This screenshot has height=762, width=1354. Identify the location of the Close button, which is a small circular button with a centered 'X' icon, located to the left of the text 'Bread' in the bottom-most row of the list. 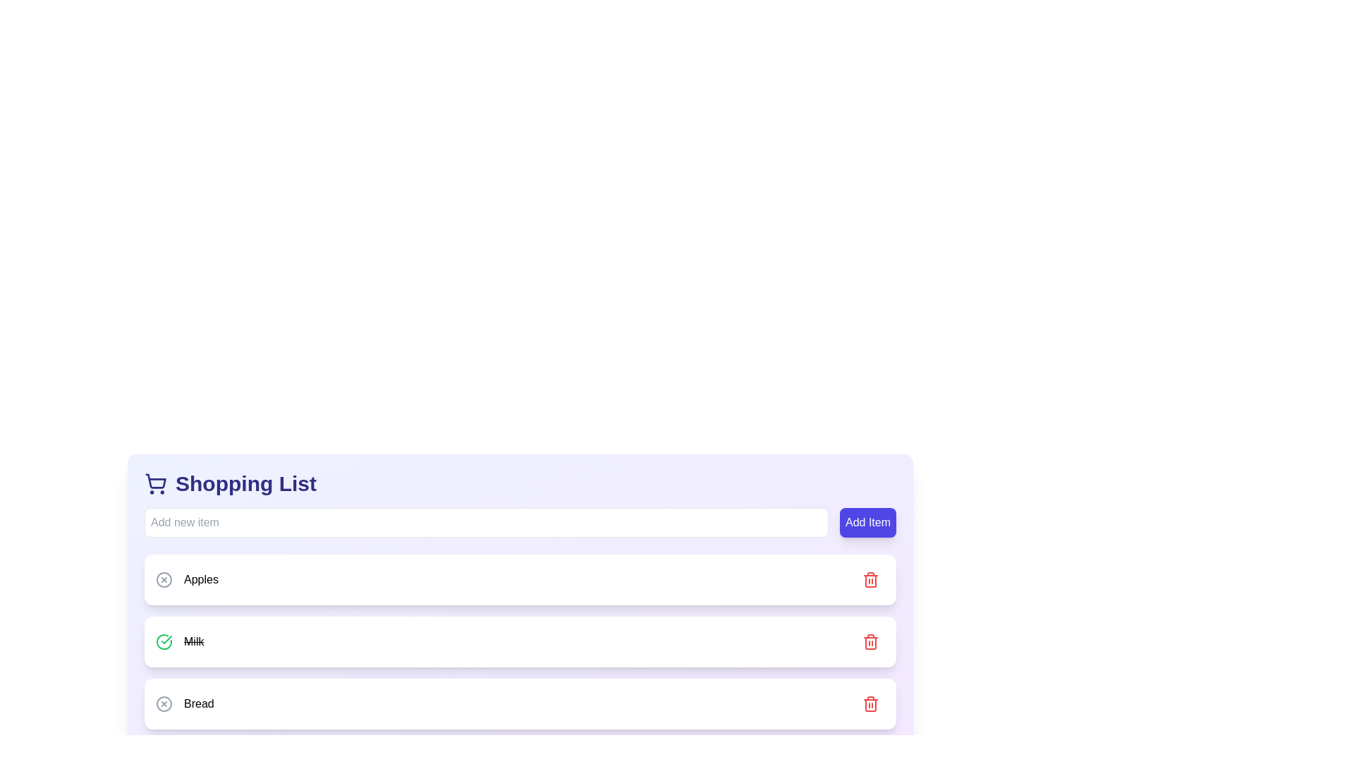
(164, 704).